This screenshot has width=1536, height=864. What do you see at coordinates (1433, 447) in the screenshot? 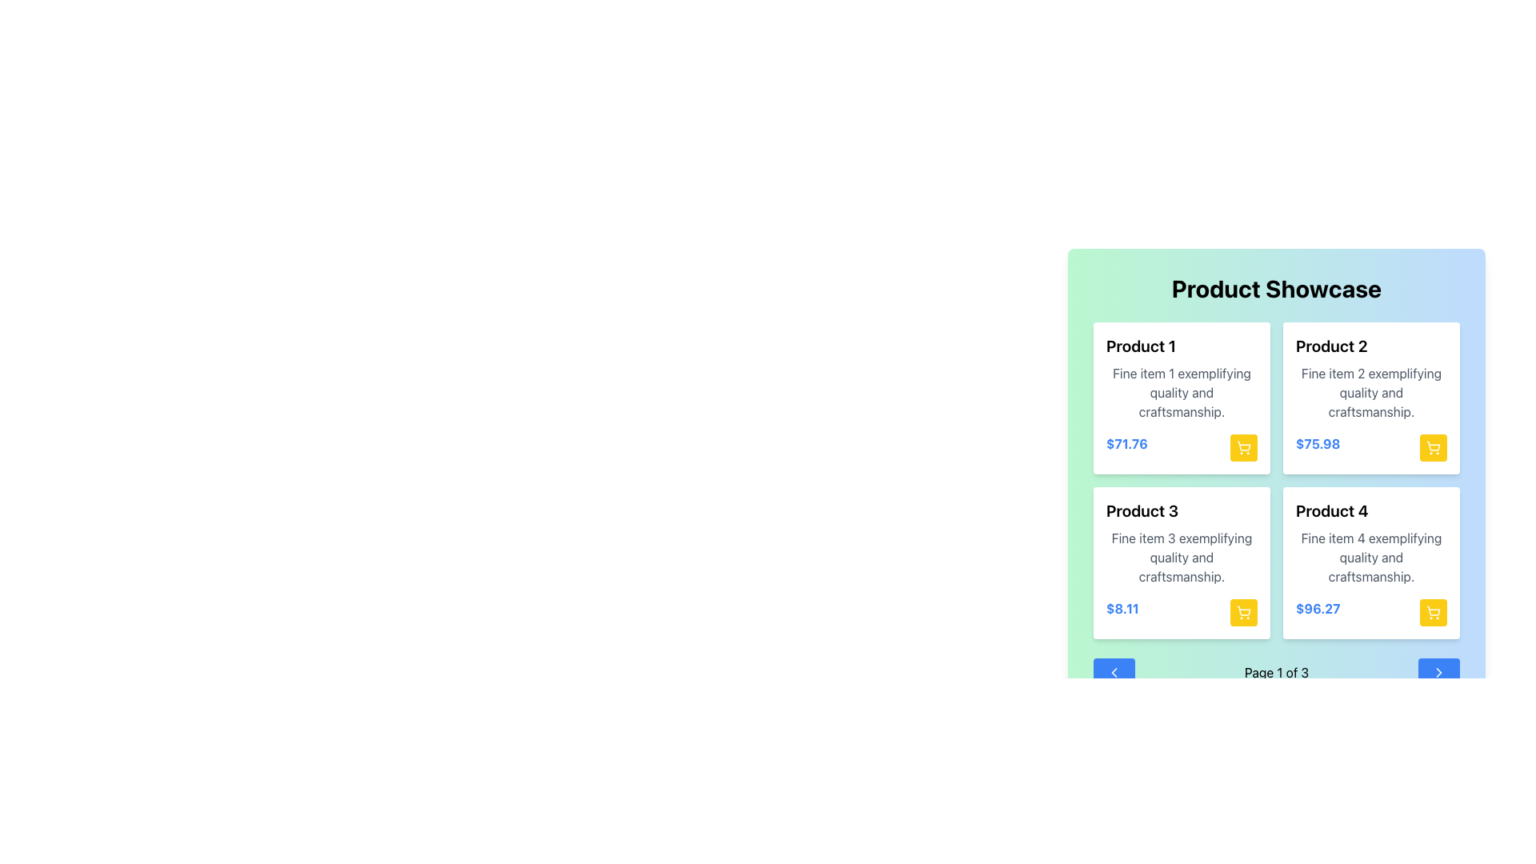
I see `the shopping cart icon with a yellow background in the bottom-right corner of the second product card` at bounding box center [1433, 447].